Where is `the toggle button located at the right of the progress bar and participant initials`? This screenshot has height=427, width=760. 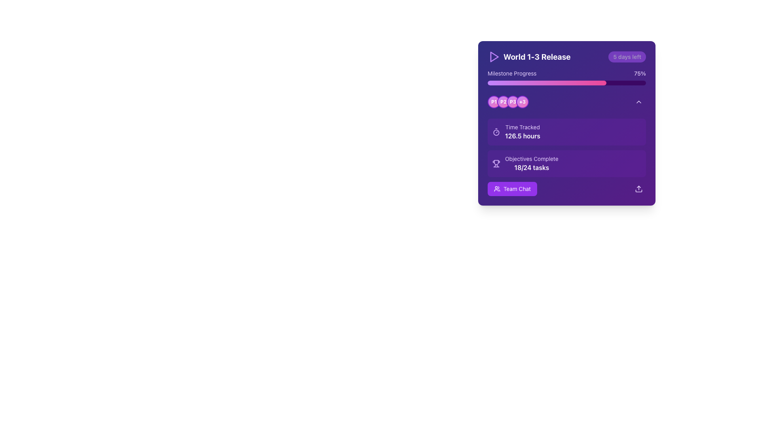 the toggle button located at the right of the progress bar and participant initials is located at coordinates (638, 102).